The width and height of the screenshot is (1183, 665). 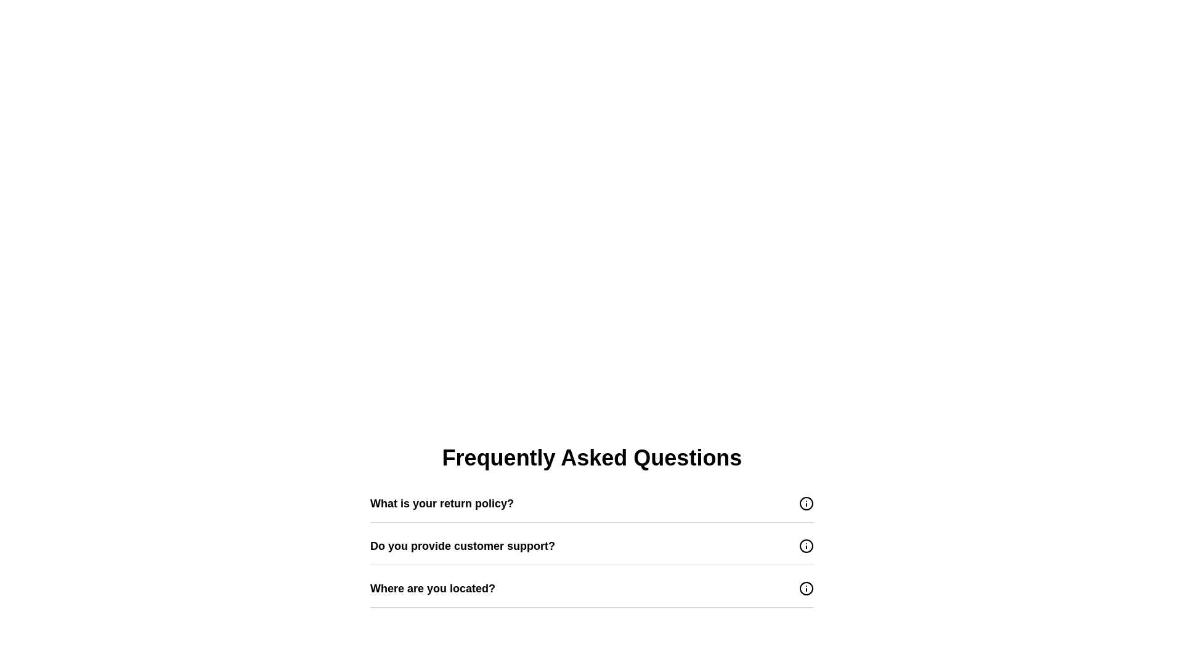 What do you see at coordinates (807, 546) in the screenshot?
I see `the informational icon located to the far right of the text 'Do you provide customer support?'` at bounding box center [807, 546].